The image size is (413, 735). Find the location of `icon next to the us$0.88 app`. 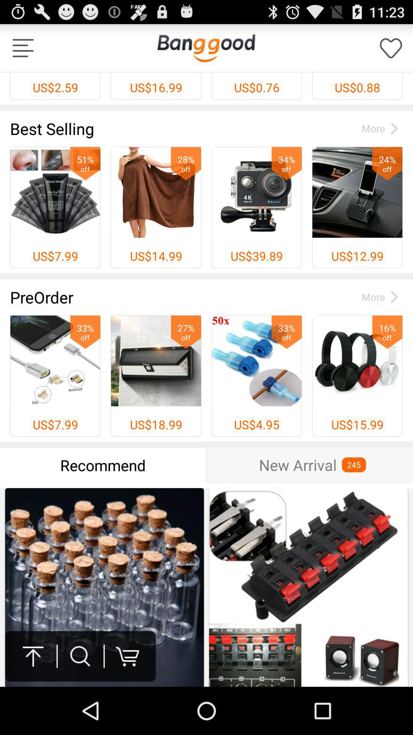

icon next to the us$0.88 app is located at coordinates (206, 47).